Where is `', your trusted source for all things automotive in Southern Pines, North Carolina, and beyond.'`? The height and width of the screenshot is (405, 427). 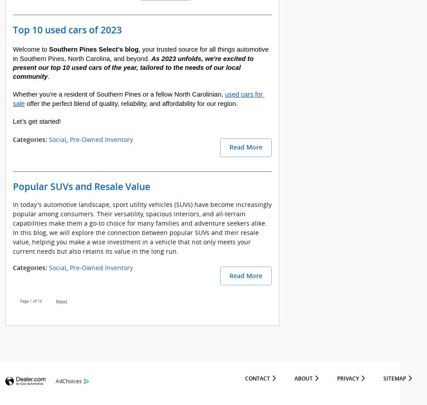 ', your trusted source for all things automotive in Southern Pines, North Carolina, and beyond.' is located at coordinates (141, 54).